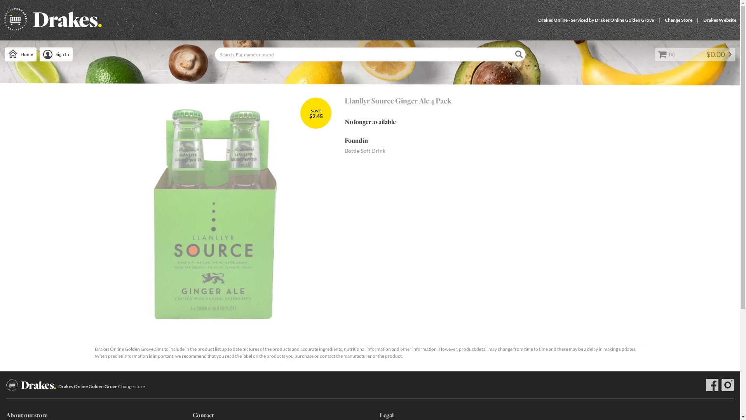 The height and width of the screenshot is (420, 746). Describe the element at coordinates (101, 387) in the screenshot. I see `'Drakes Online Golden Grove Change store'` at that location.